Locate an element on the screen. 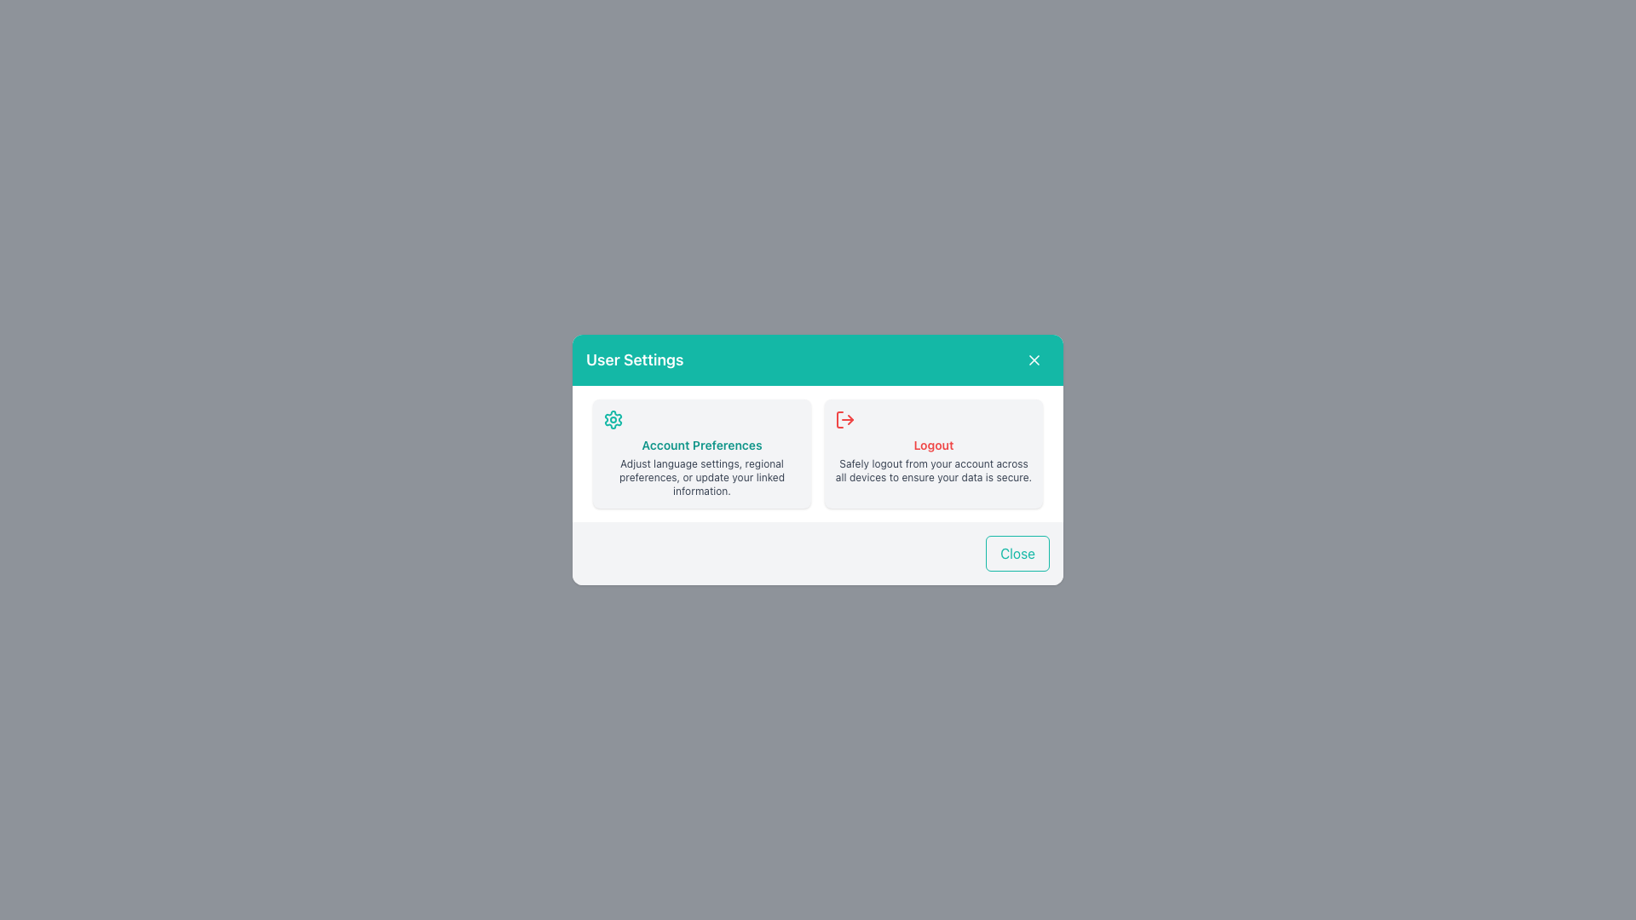 The image size is (1636, 920). the 'Account Preferences' selectable card is located at coordinates (702, 452).